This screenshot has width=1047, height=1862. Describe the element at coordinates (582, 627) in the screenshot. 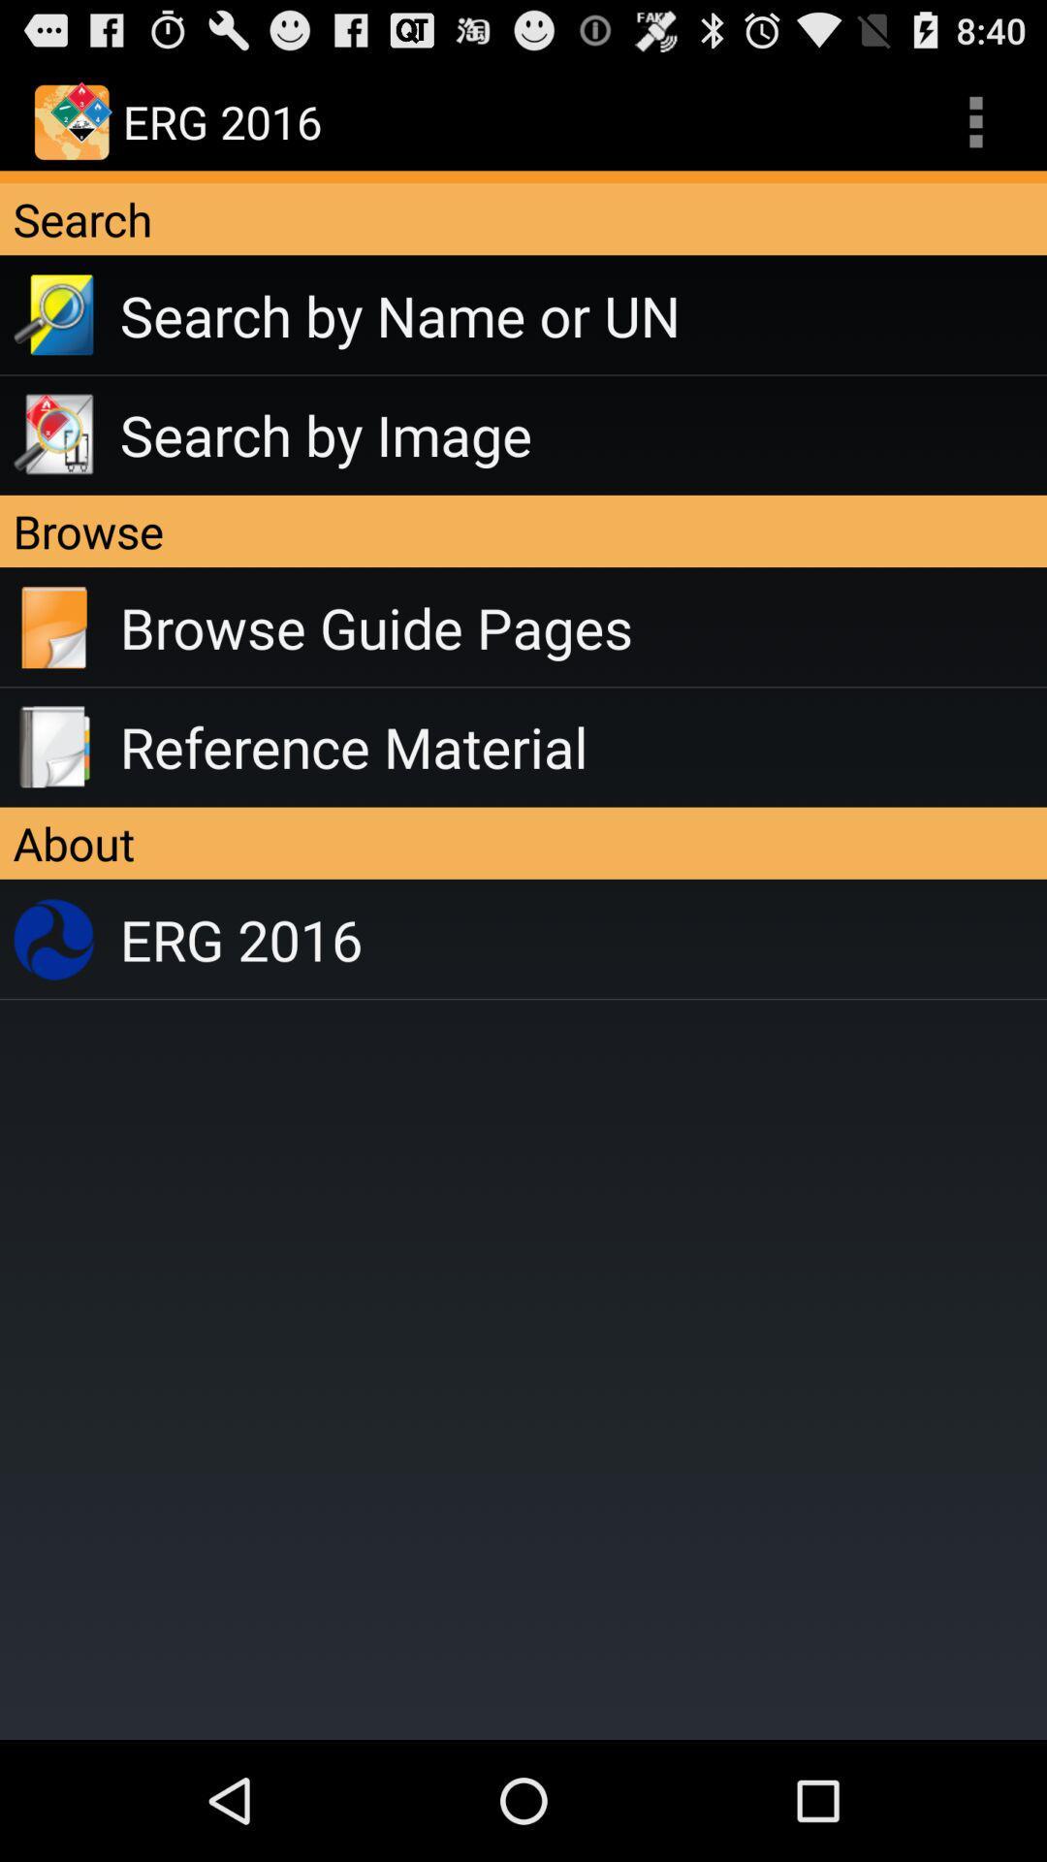

I see `icon above reference material` at that location.